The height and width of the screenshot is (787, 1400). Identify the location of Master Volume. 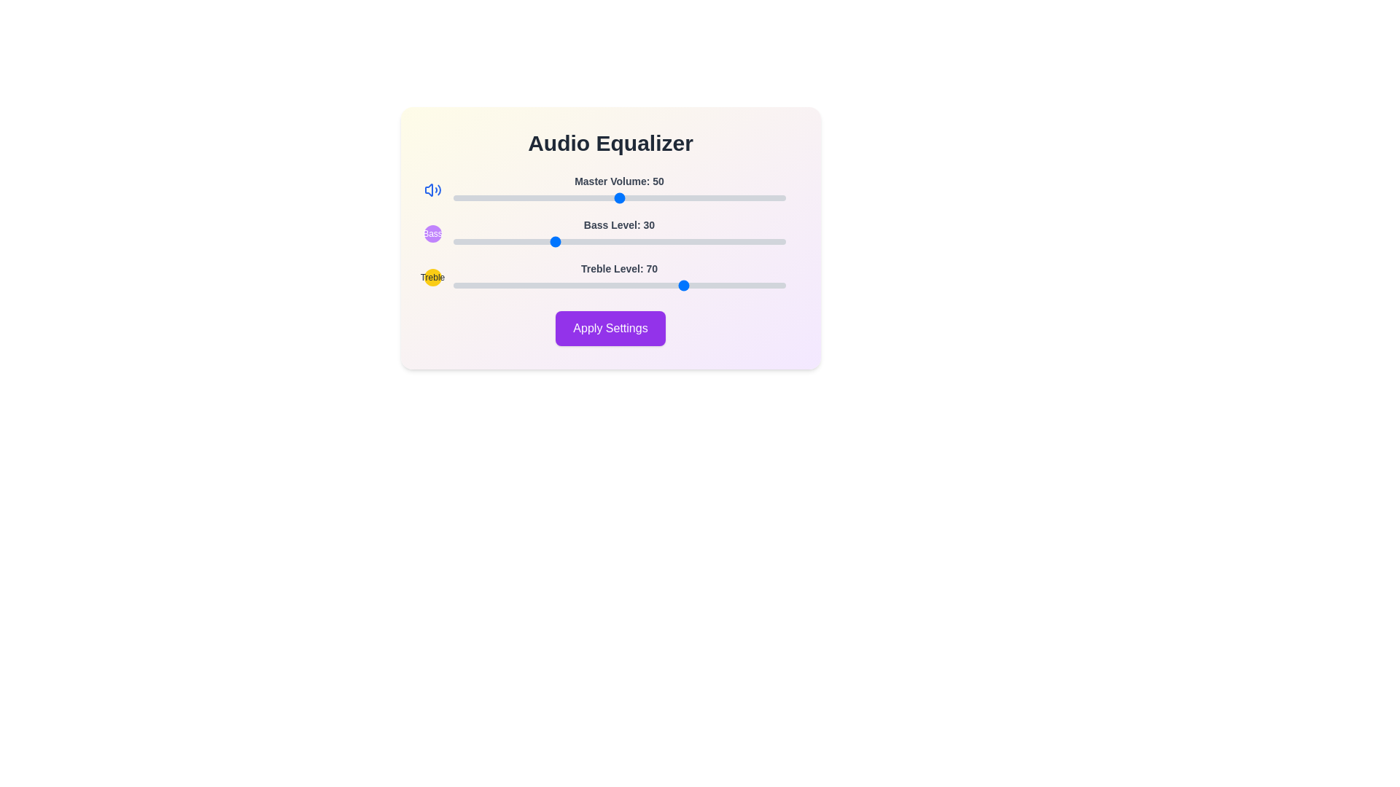
(538, 198).